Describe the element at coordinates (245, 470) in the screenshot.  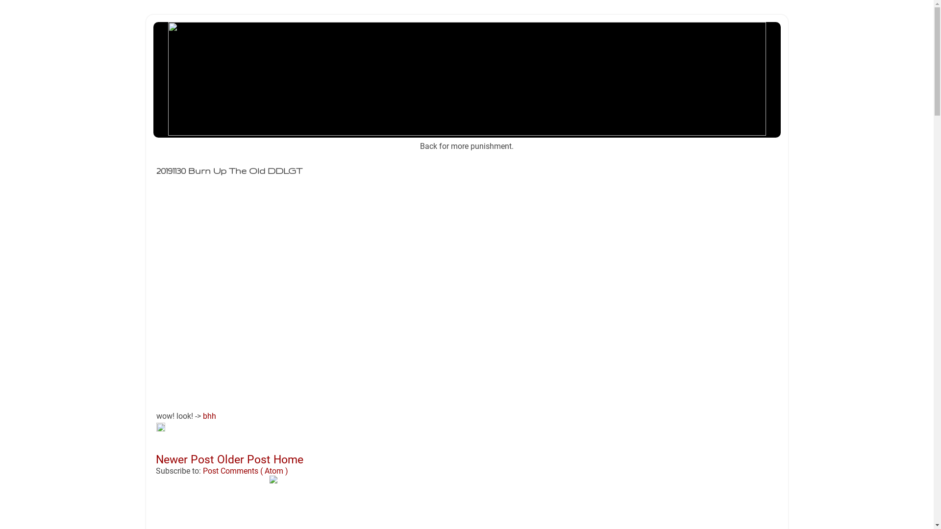
I see `'Post Comments ( Atom )'` at that location.